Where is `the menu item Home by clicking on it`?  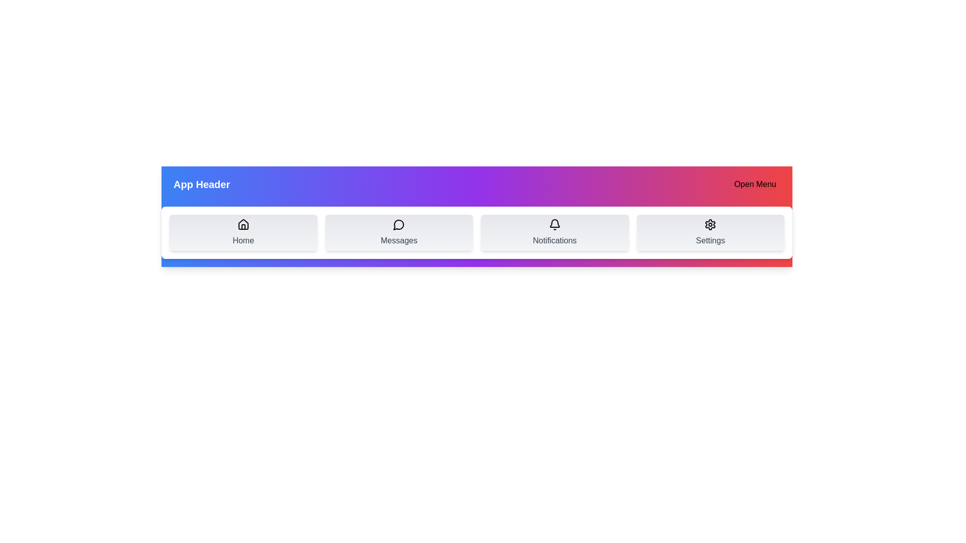
the menu item Home by clicking on it is located at coordinates (243, 232).